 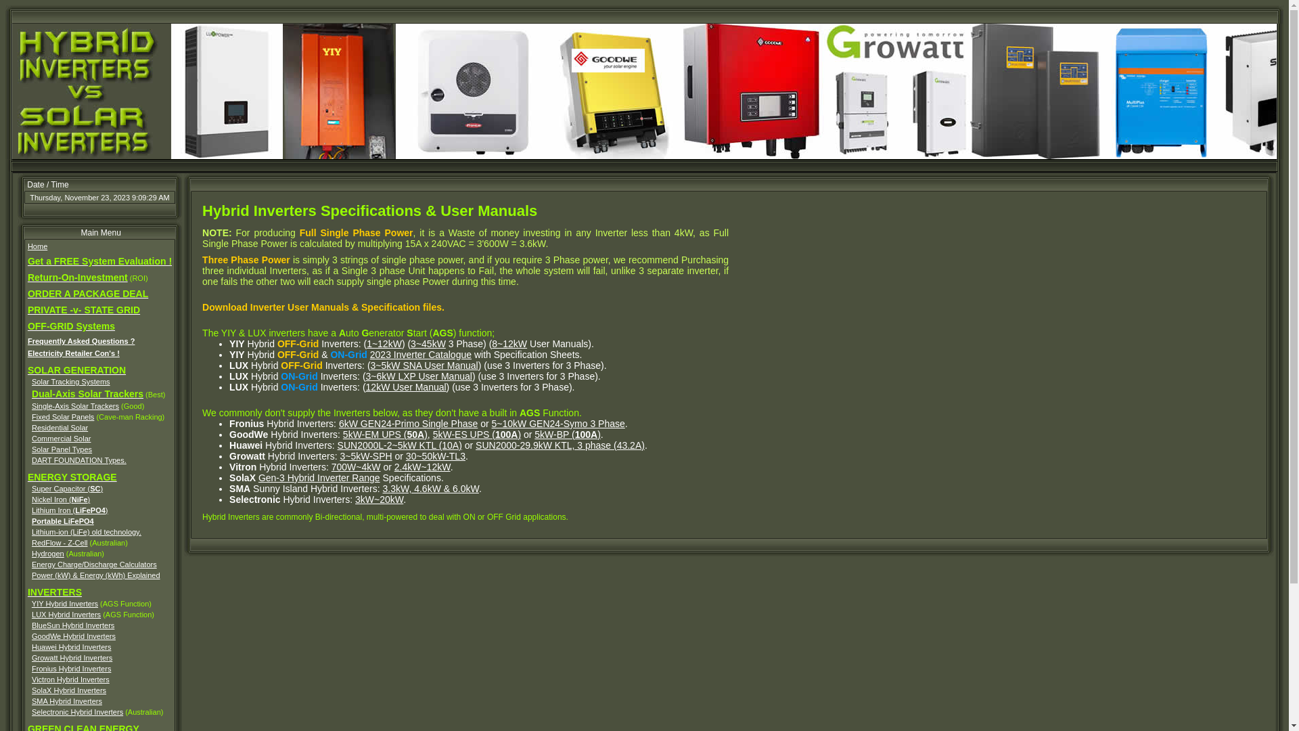 I want to click on 'Solar Panel Types', so click(x=61, y=449).